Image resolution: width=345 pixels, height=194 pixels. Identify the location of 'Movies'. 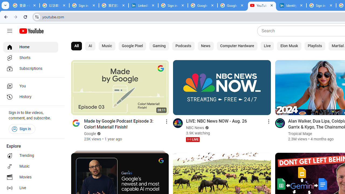
(30, 177).